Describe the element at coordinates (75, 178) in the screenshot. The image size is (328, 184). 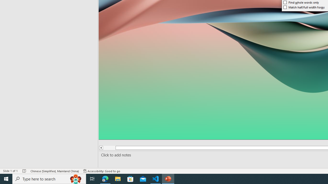
I see `'Search highlights icon opens search home window'` at that location.